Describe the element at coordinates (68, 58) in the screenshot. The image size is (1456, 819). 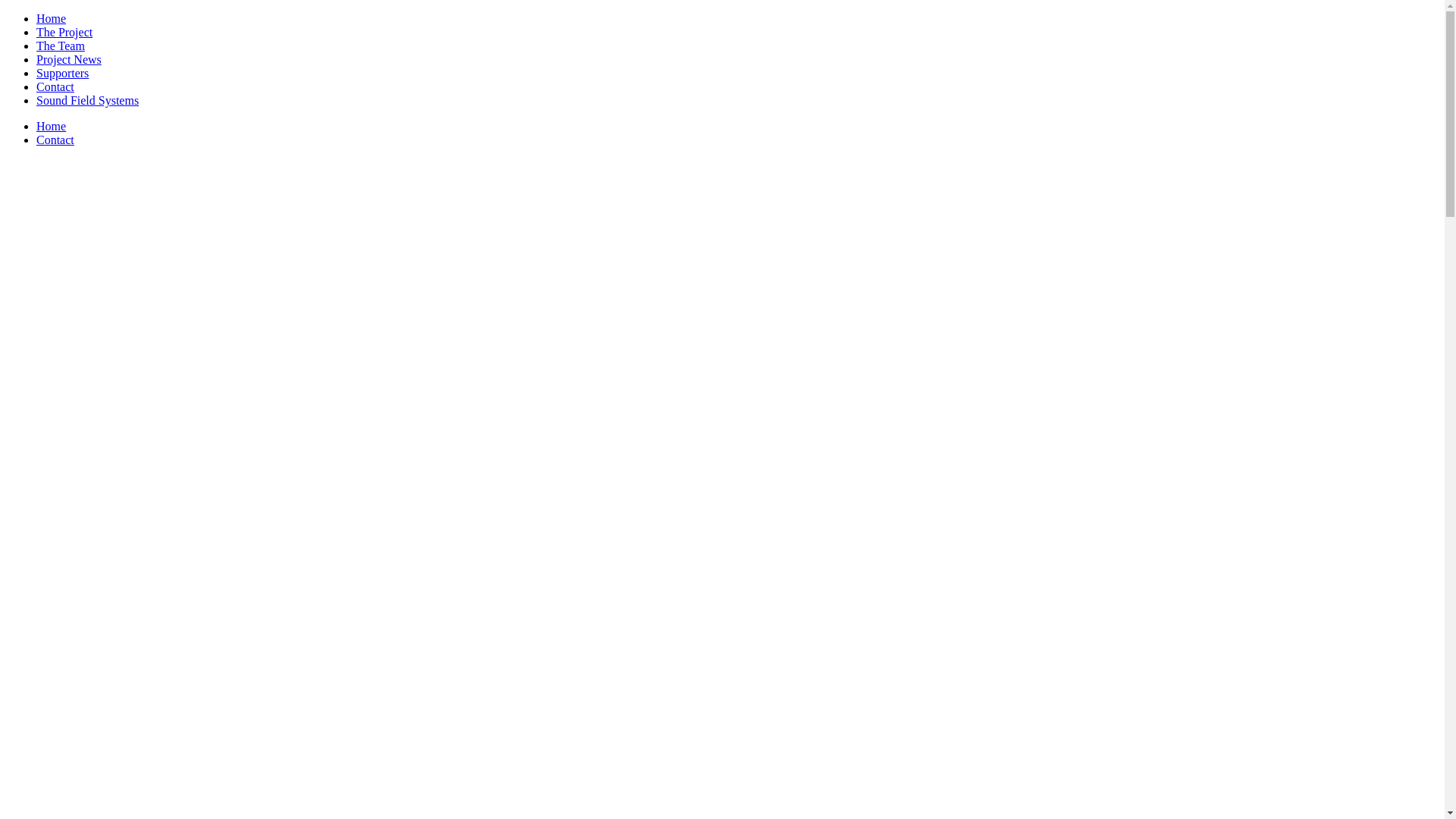
I see `'Project News'` at that location.